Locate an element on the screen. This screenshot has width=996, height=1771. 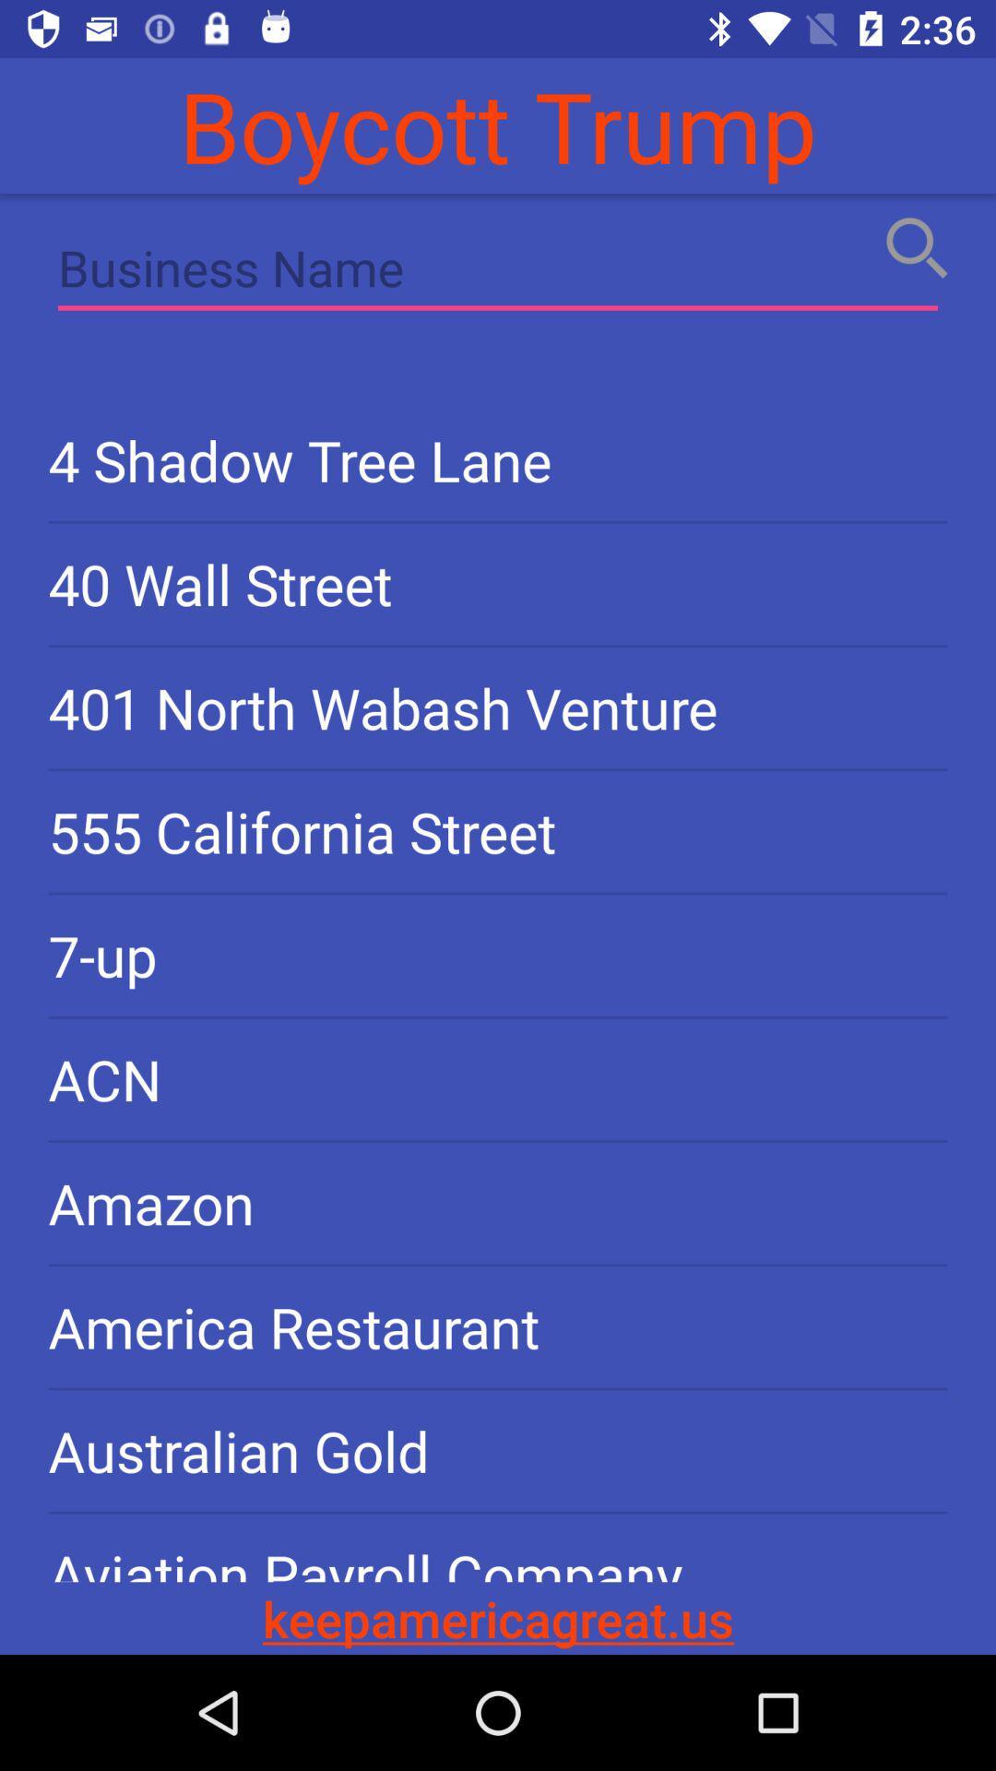
the item above the amazon is located at coordinates (498, 1079).